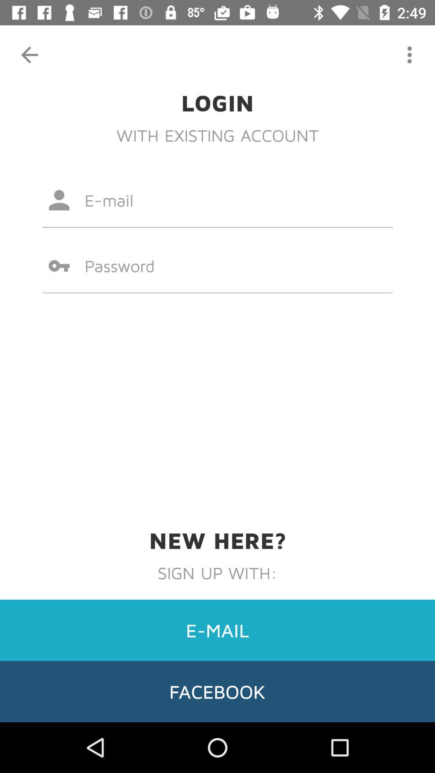 This screenshot has width=435, height=773. What do you see at coordinates (217, 630) in the screenshot?
I see `the icon above facebook item` at bounding box center [217, 630].